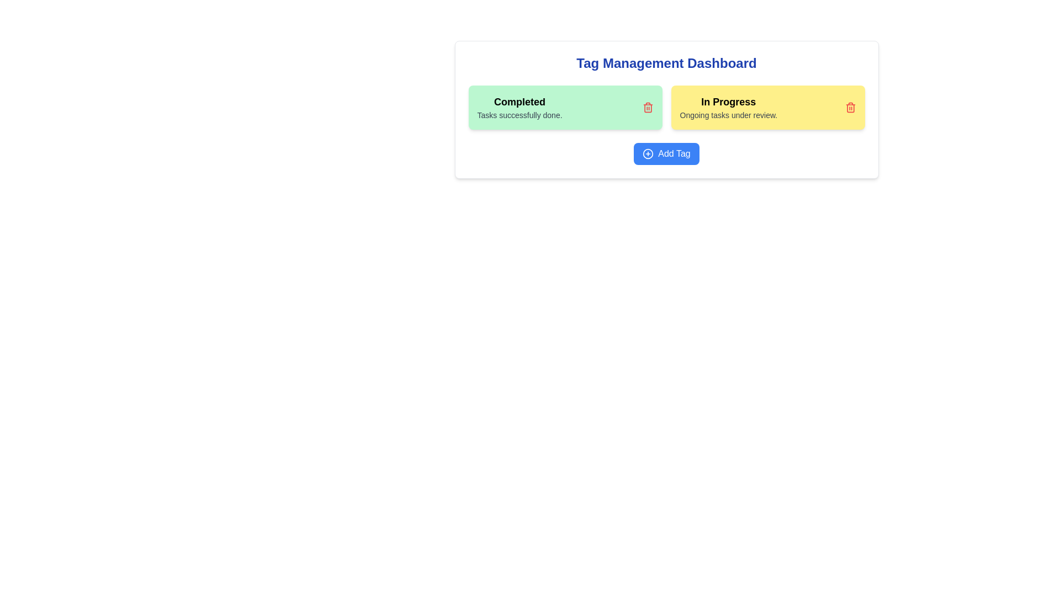 This screenshot has height=596, width=1060. What do you see at coordinates (666, 153) in the screenshot?
I see `the 'Add Tag' button located centrally below the grid of task status sections in the Tag Management Dashboard to initiate the tag addition process` at bounding box center [666, 153].